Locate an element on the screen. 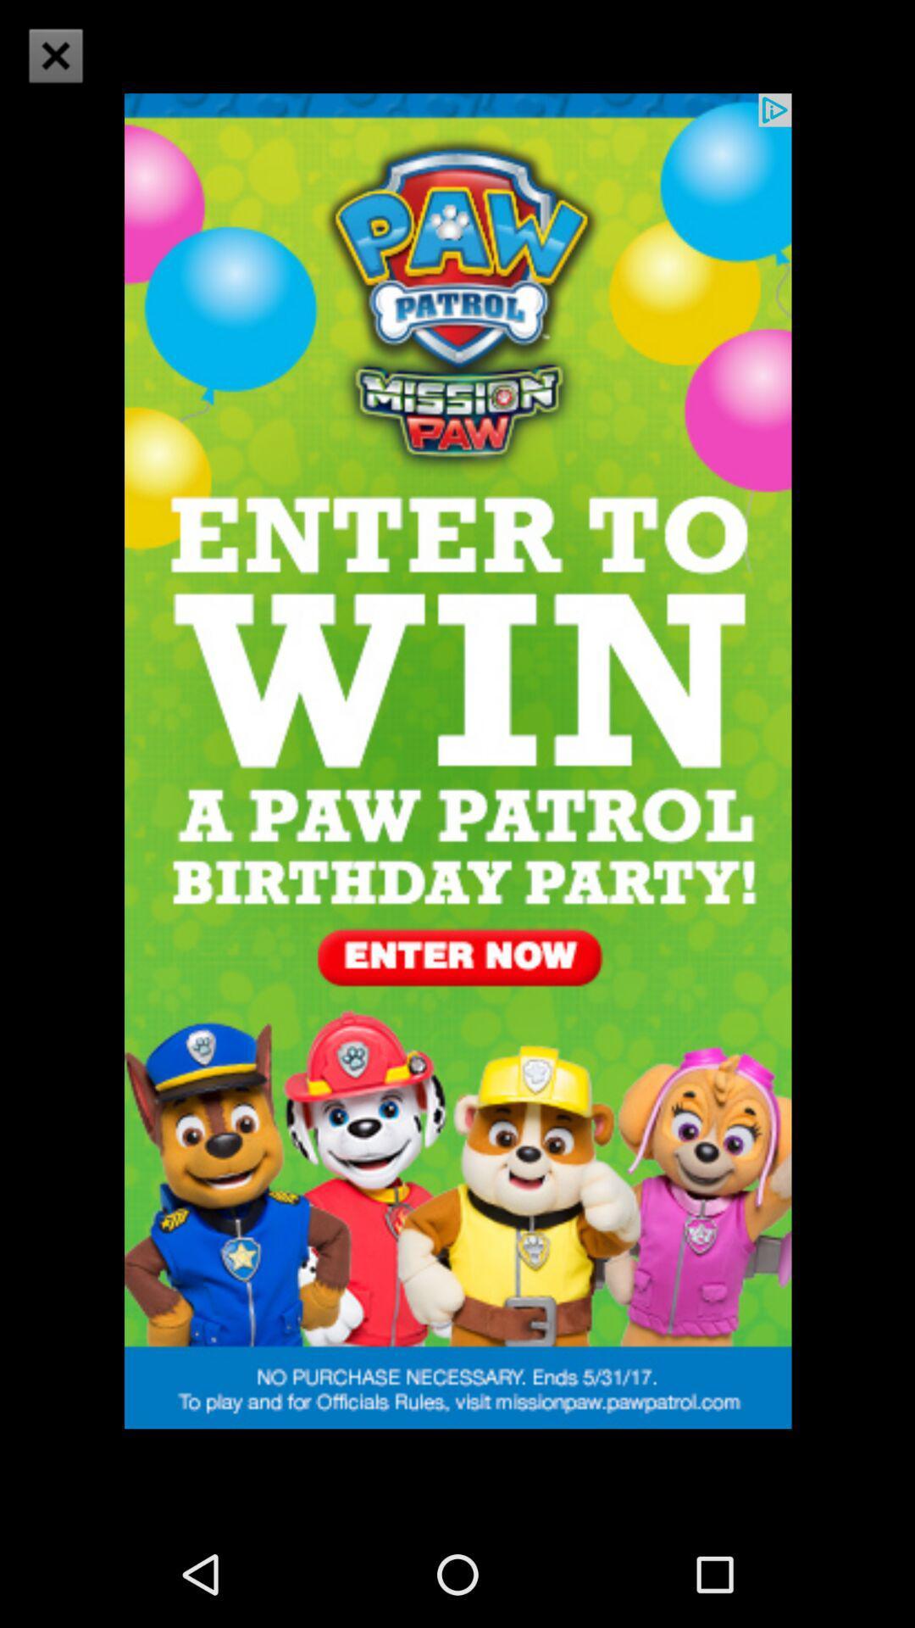 The width and height of the screenshot is (915, 1628). the close icon is located at coordinates (54, 59).